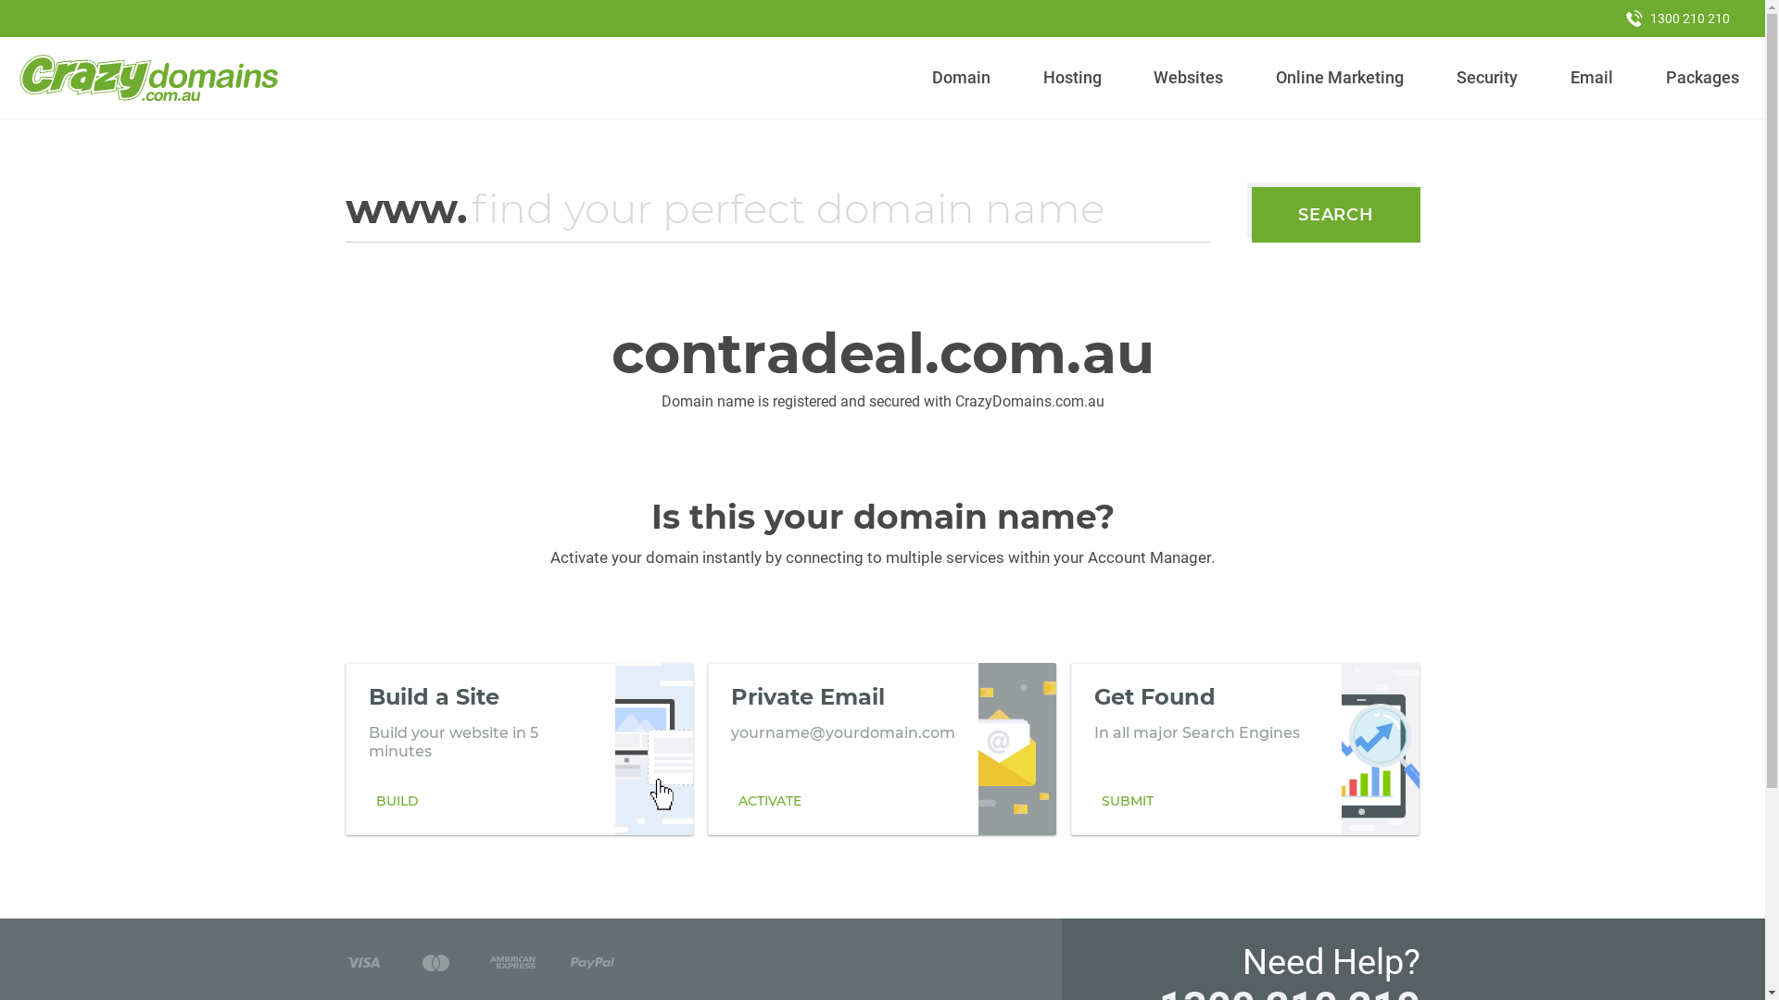  Describe the element at coordinates (1677, 18) in the screenshot. I see `'1300 210 210'` at that location.